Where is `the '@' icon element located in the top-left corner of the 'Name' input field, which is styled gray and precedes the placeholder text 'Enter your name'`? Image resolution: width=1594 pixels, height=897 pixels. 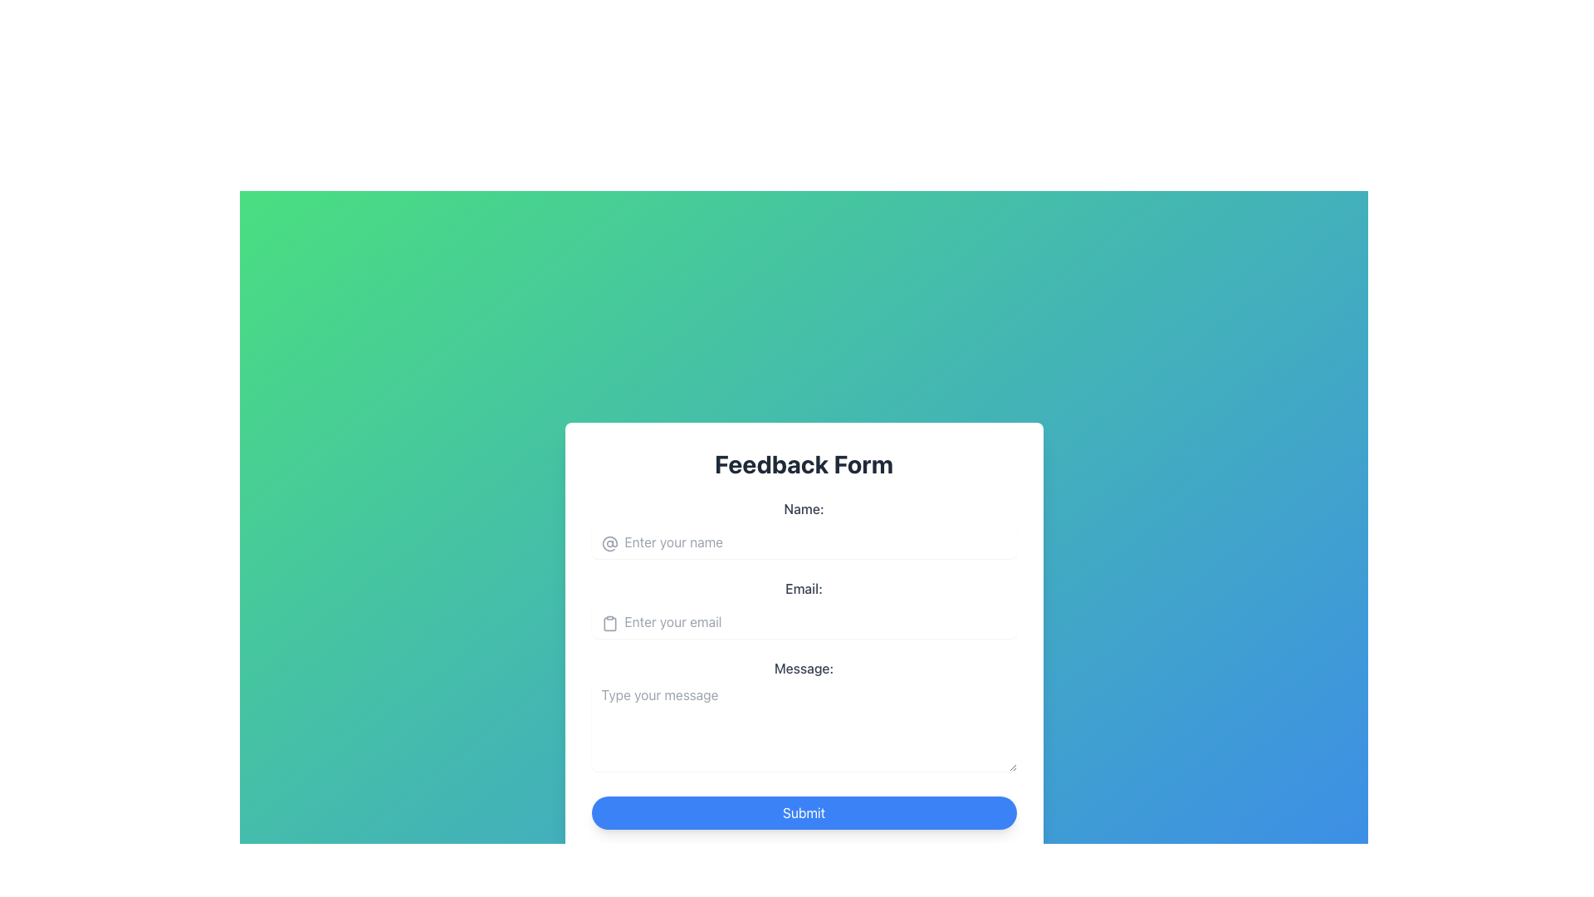 the '@' icon element located in the top-left corner of the 'Name' input field, which is styled gray and precedes the placeholder text 'Enter your name' is located at coordinates (609, 544).